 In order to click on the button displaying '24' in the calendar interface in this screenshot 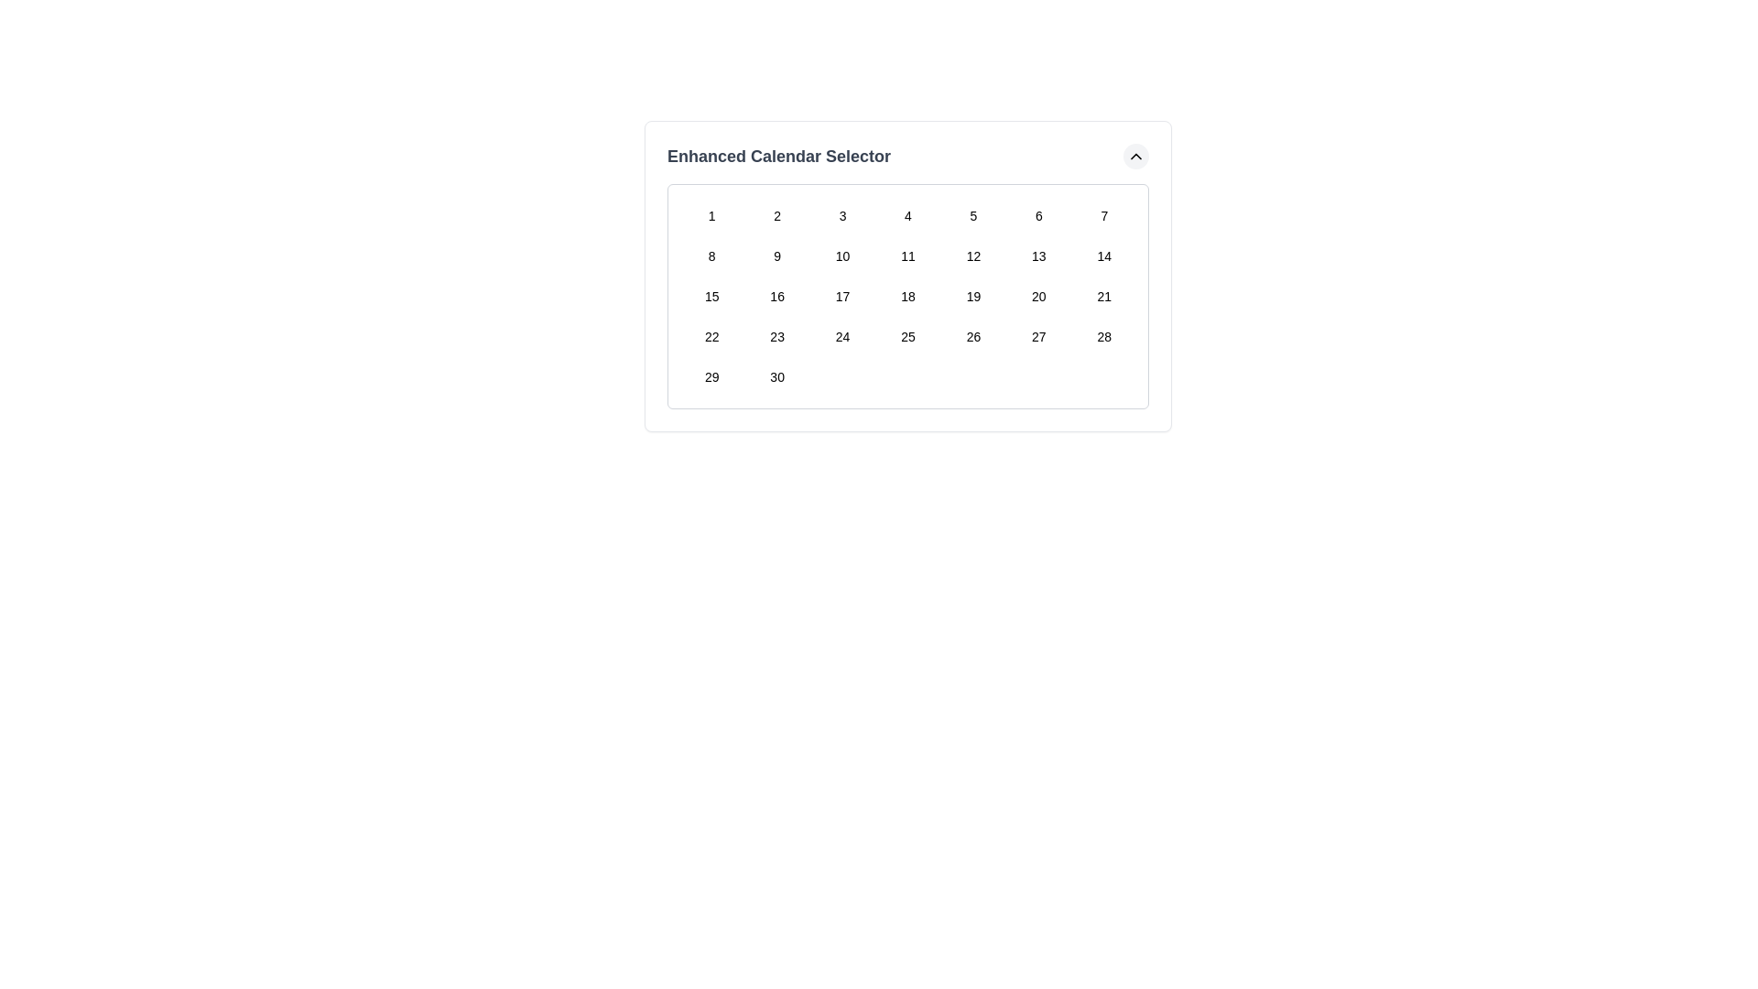, I will do `click(841, 336)`.